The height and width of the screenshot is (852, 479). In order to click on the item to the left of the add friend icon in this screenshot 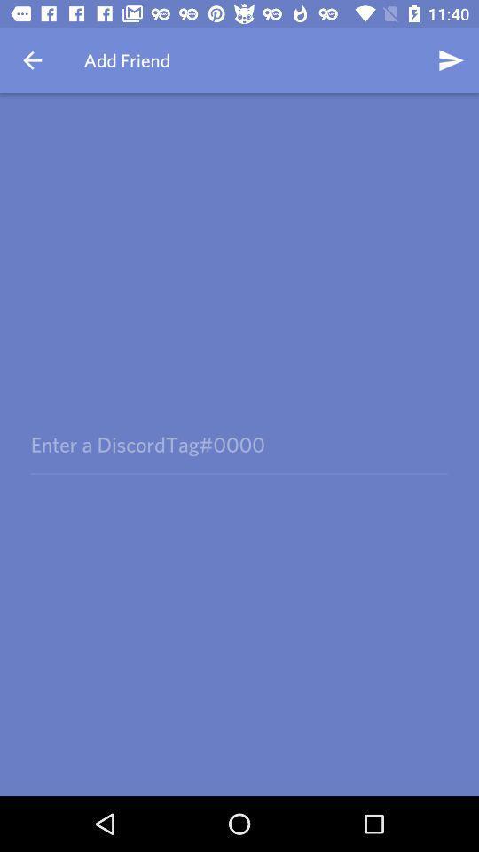, I will do `click(32, 60)`.